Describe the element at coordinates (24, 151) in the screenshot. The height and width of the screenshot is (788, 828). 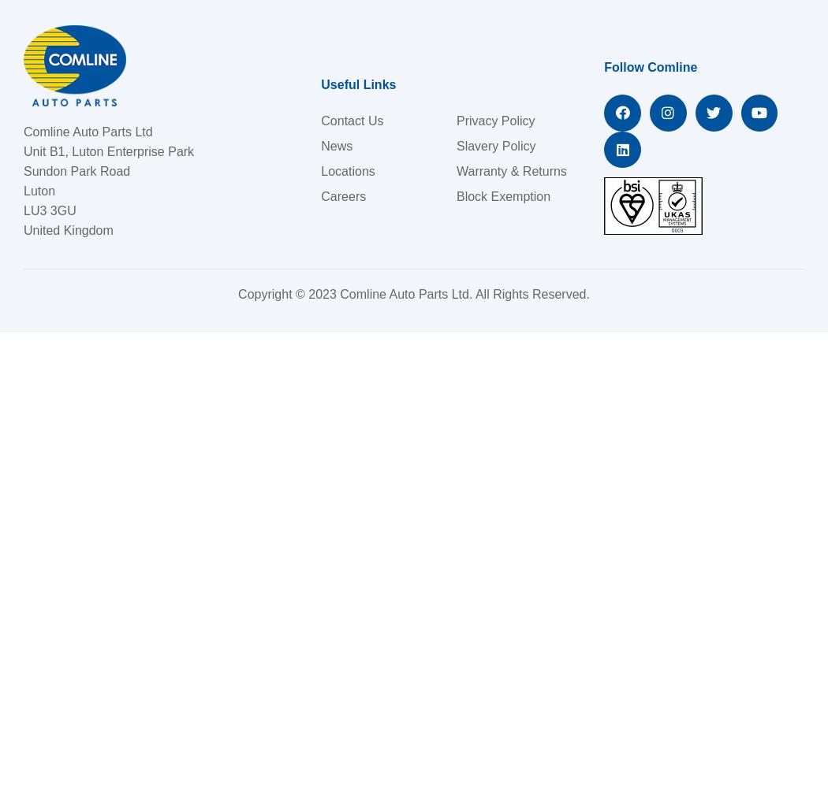
I see `'Unit B1, Luton Enterprise Park'` at that location.